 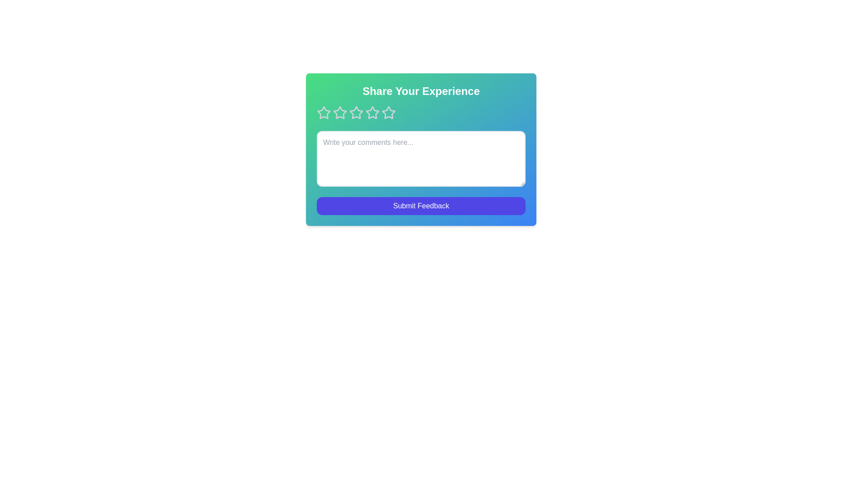 What do you see at coordinates (339, 112) in the screenshot?
I see `the star corresponding to 2 stars to preview the rating` at bounding box center [339, 112].